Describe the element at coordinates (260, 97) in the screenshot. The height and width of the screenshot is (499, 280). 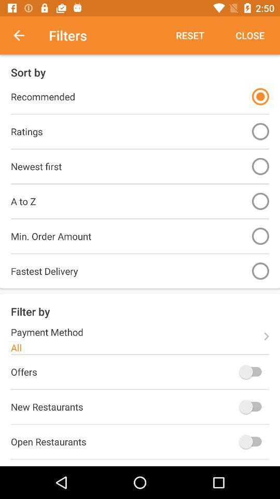
I see `the item next to recommended icon` at that location.